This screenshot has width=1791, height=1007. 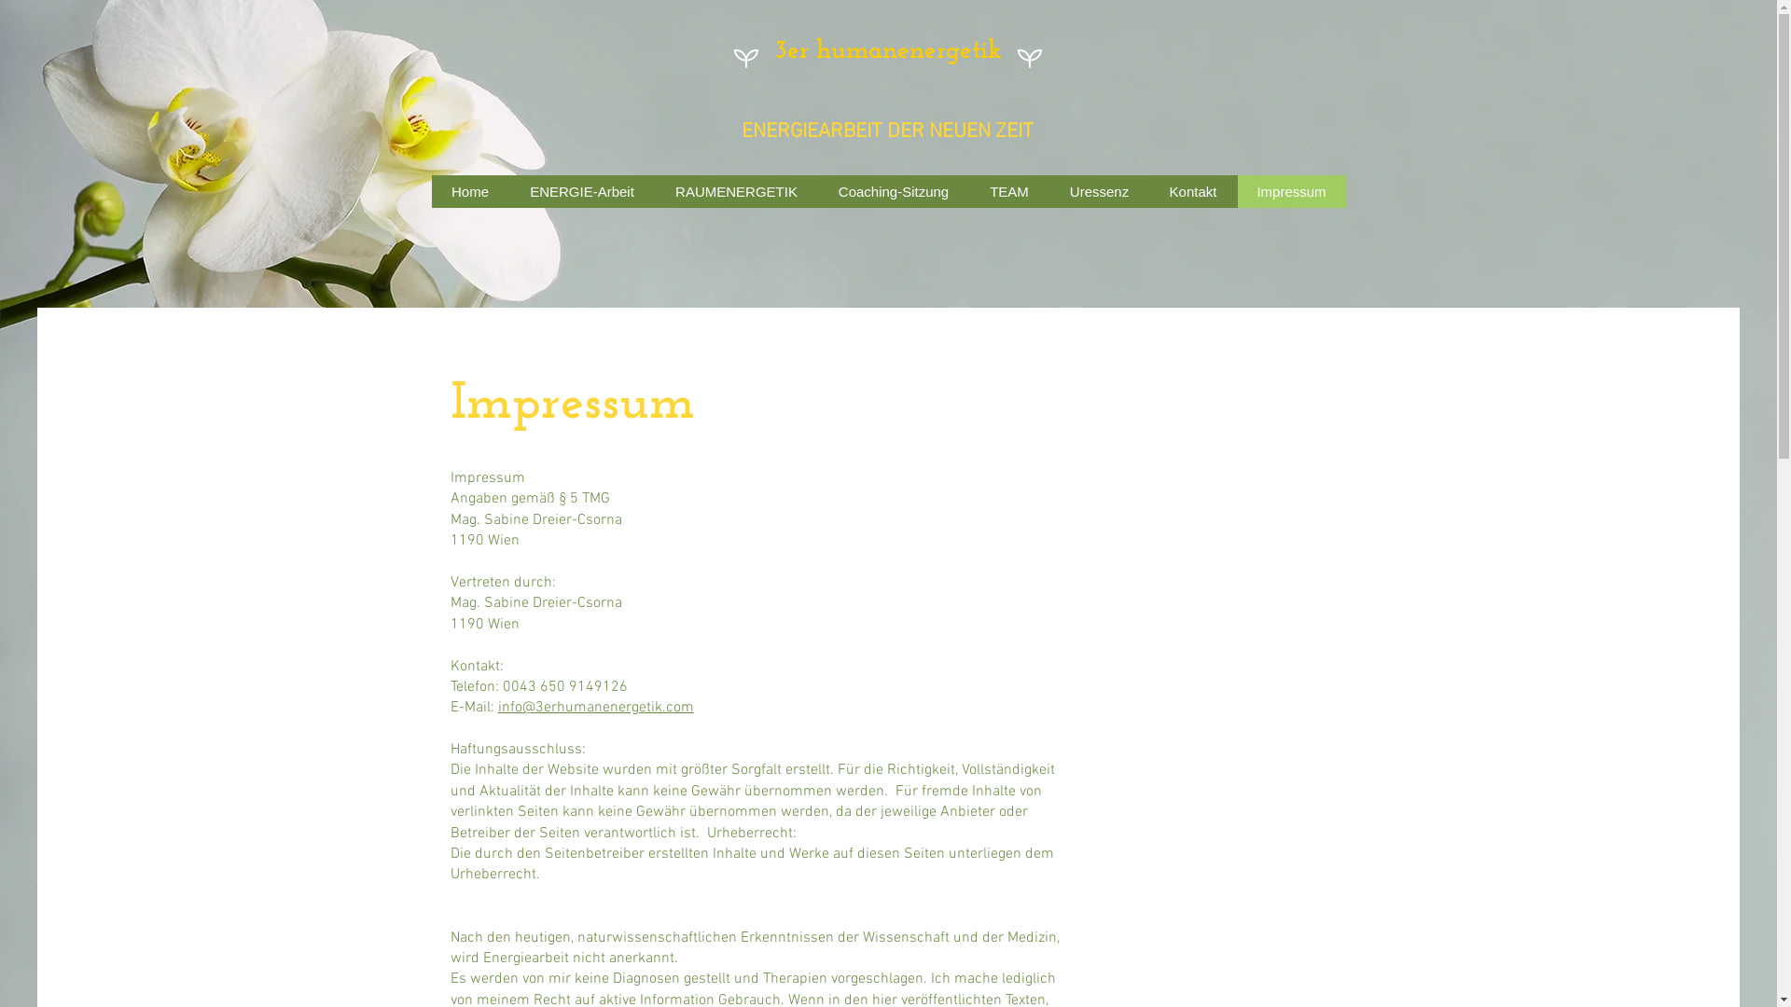 I want to click on 'info@3erhumanenergetik.com', so click(x=497, y=708).